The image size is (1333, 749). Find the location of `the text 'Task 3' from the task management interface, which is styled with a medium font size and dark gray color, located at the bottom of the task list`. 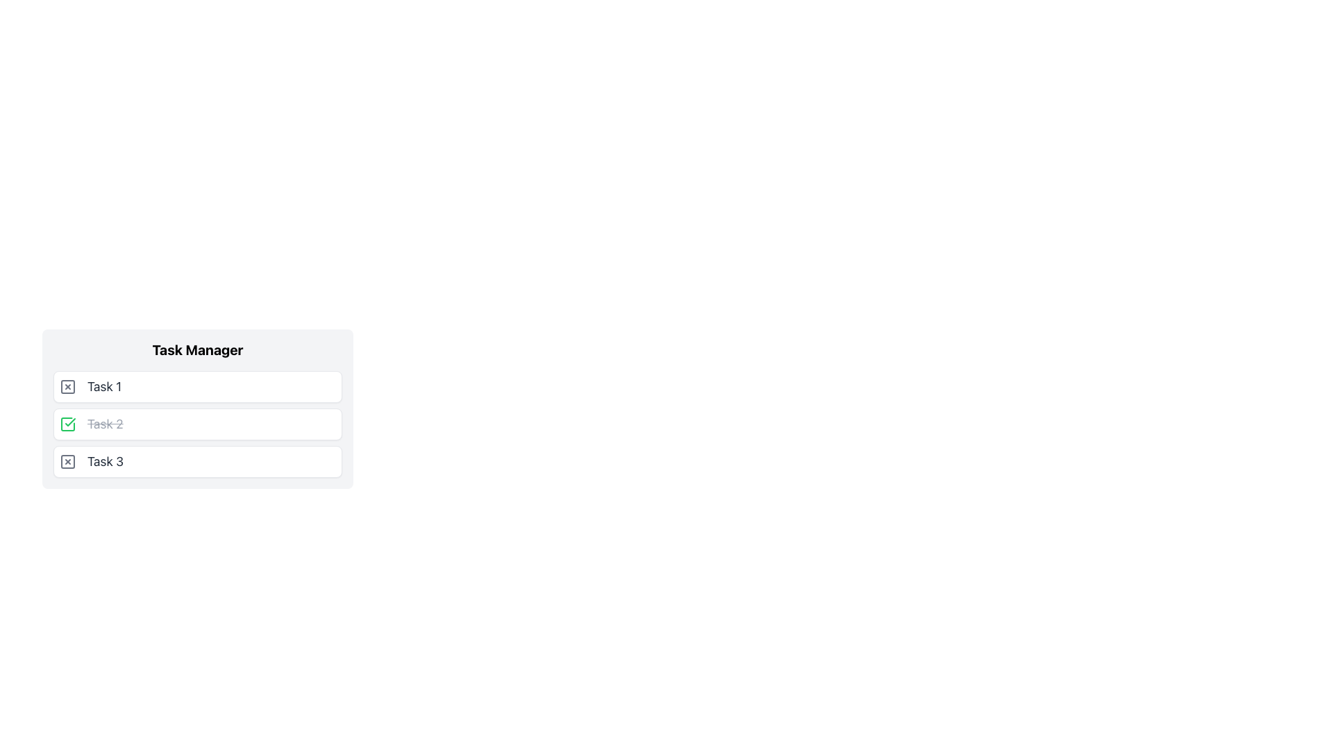

the text 'Task 3' from the task management interface, which is styled with a medium font size and dark gray color, located at the bottom of the task list is located at coordinates (105, 462).